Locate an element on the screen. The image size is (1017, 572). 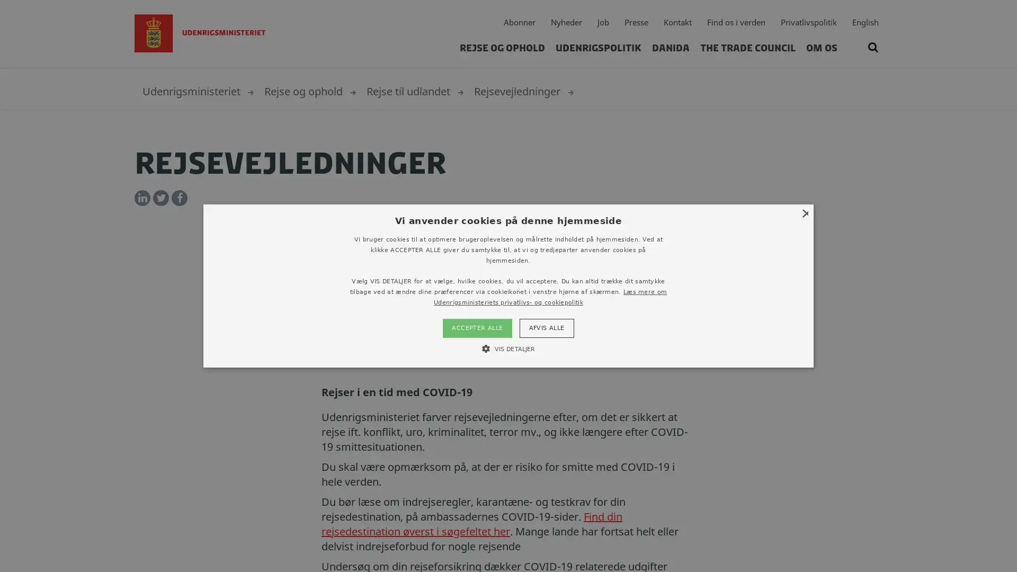
AFVIS ALLE is located at coordinates (546, 327).